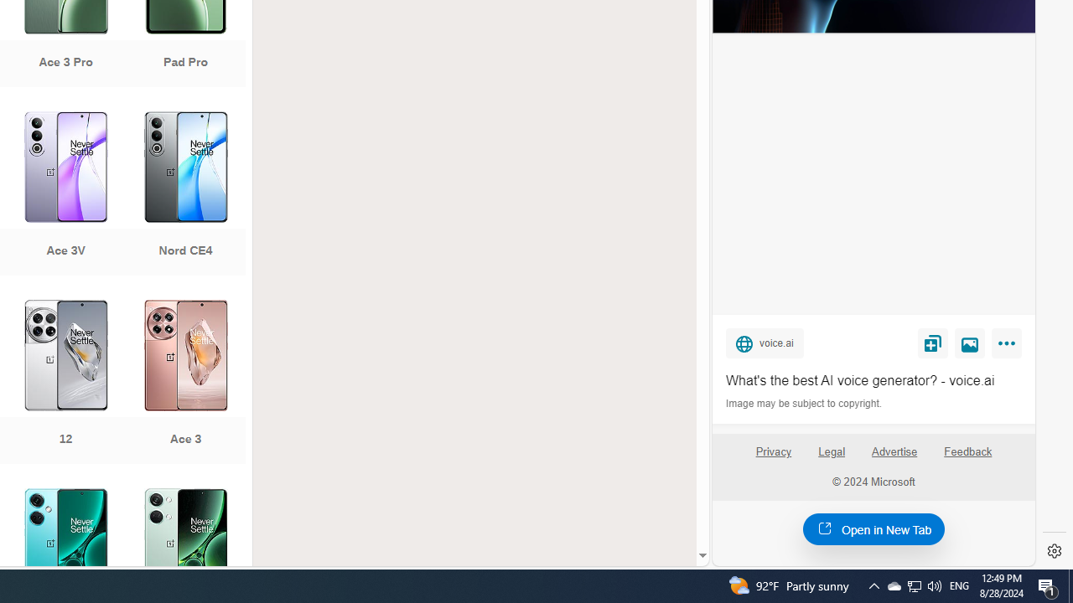  Describe the element at coordinates (832, 451) in the screenshot. I see `'Legal'` at that location.